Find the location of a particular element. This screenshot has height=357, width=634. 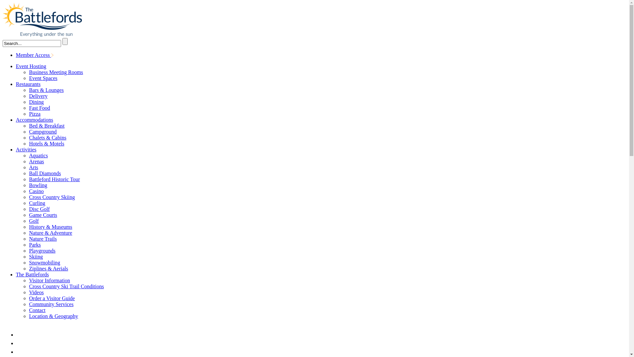

'Snowmobiling' is located at coordinates (44, 262).